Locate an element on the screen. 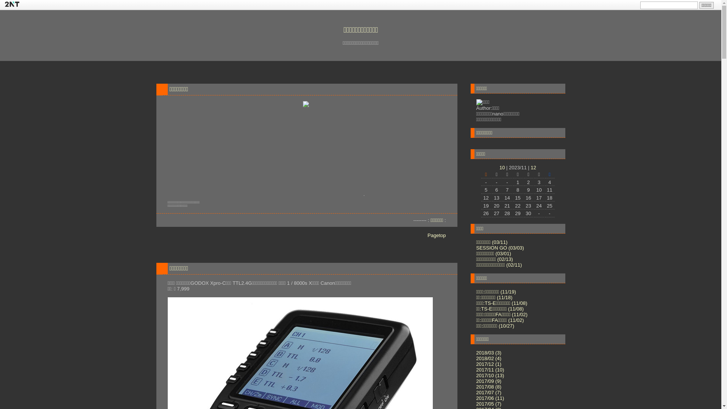  '2017/09 (9)' is located at coordinates (489, 381).